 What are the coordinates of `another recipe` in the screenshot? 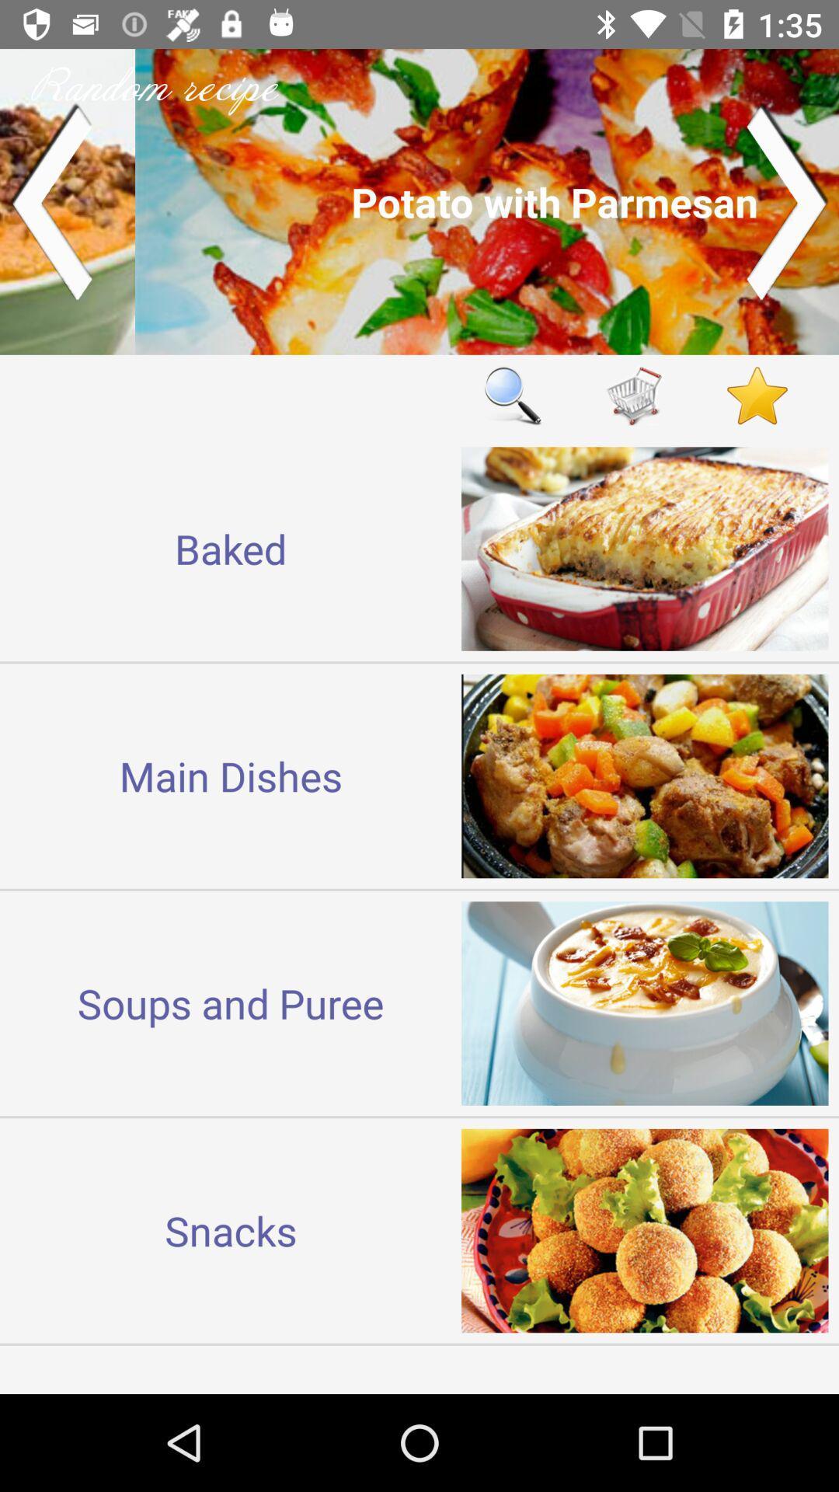 It's located at (419, 200).